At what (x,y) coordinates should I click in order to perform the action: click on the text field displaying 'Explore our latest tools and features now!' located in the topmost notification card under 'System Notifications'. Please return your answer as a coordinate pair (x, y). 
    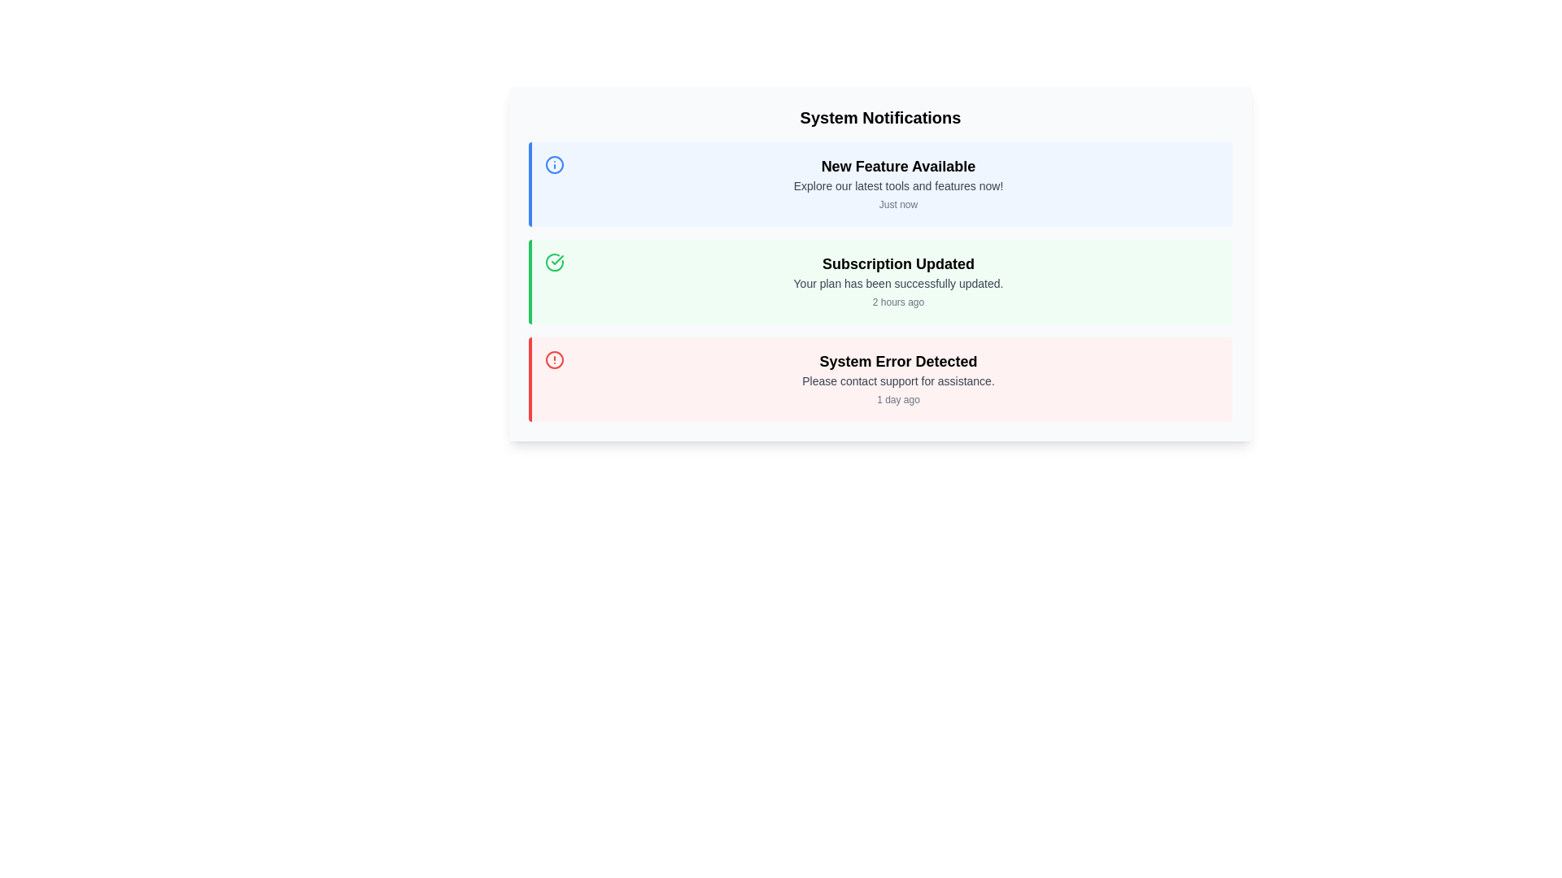
    Looking at the image, I should click on (897, 185).